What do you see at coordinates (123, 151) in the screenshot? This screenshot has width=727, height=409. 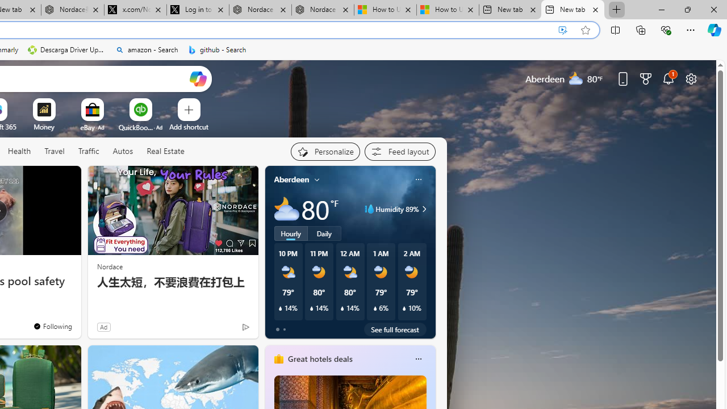 I see `'Autos'` at bounding box center [123, 151].